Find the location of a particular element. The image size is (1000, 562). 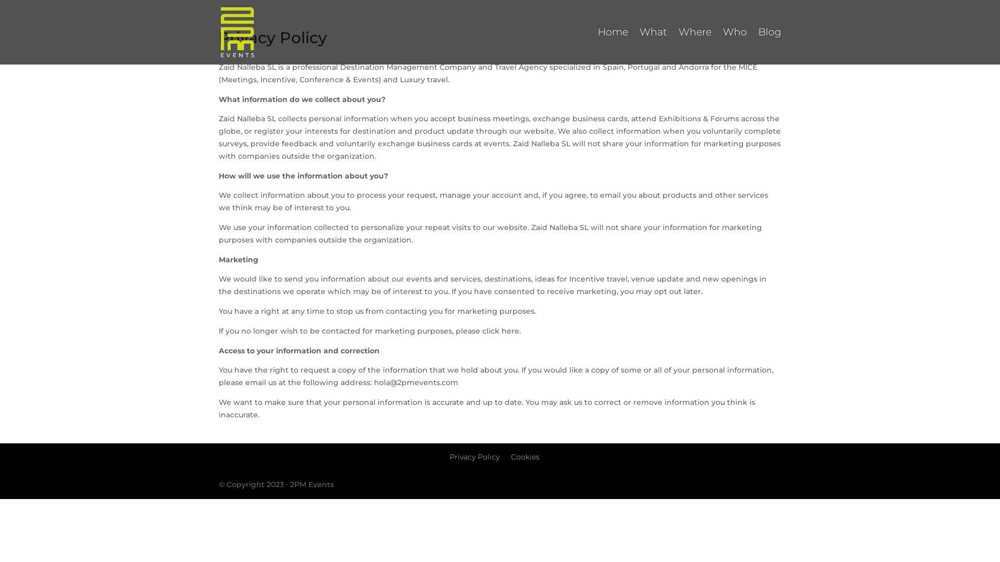

'Blog' is located at coordinates (770, 46).